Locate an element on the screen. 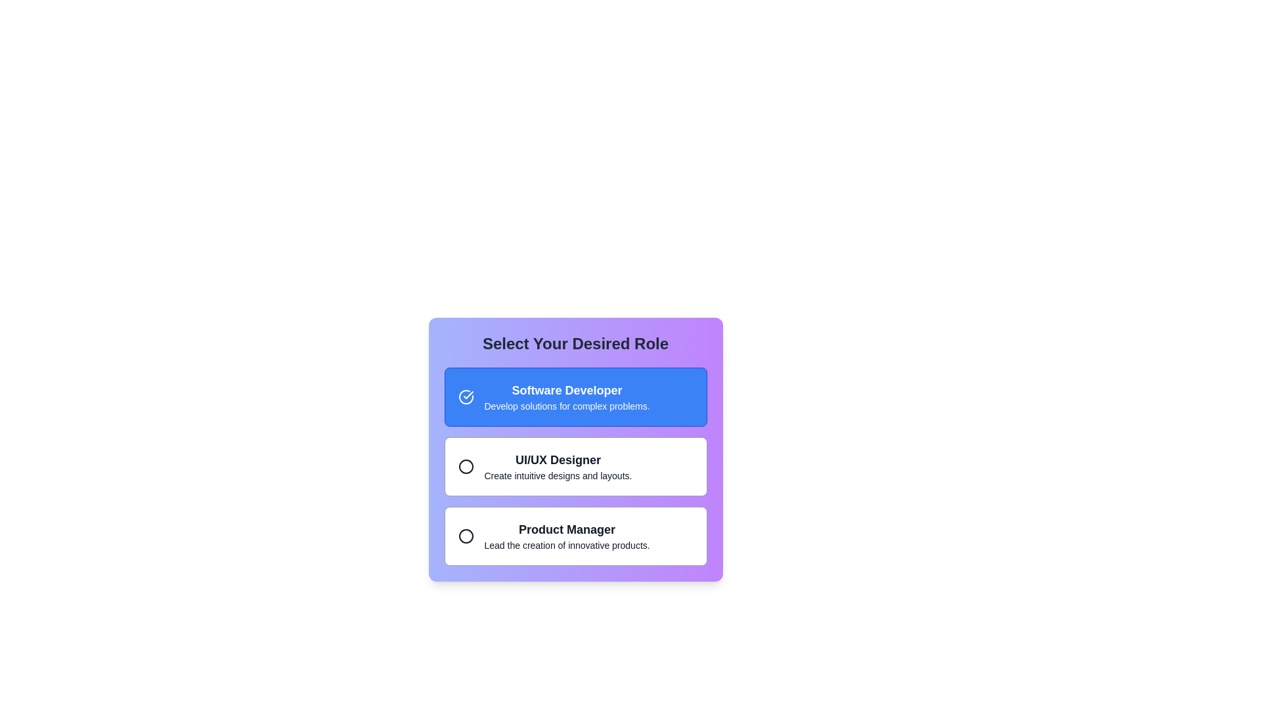 This screenshot has width=1261, height=709. the icon located to the immediate left of the text 'UI/UX Designer' is located at coordinates (466, 465).